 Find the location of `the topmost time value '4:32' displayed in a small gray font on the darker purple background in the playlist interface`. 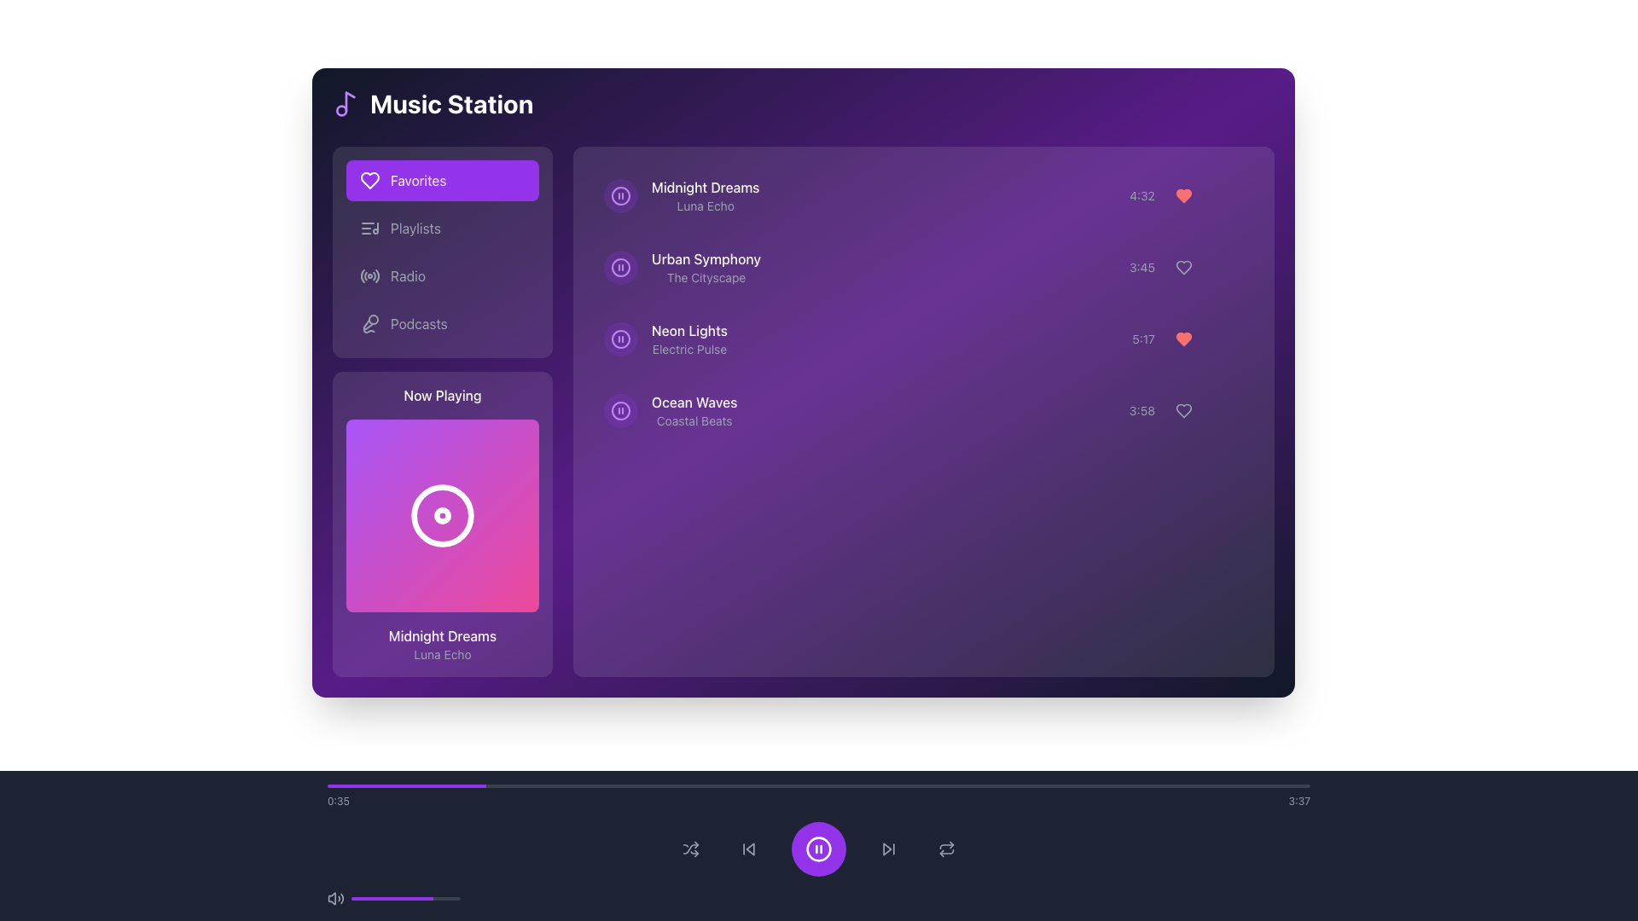

the topmost time value '4:32' displayed in a small gray font on the darker purple background in the playlist interface is located at coordinates (1142, 195).